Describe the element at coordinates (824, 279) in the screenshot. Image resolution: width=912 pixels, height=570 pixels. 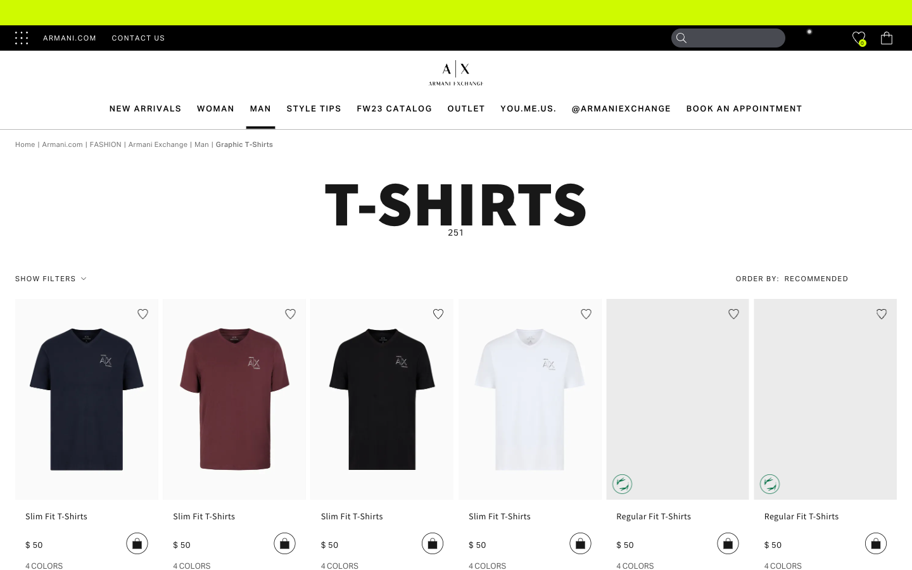
I see `select search filter` at that location.